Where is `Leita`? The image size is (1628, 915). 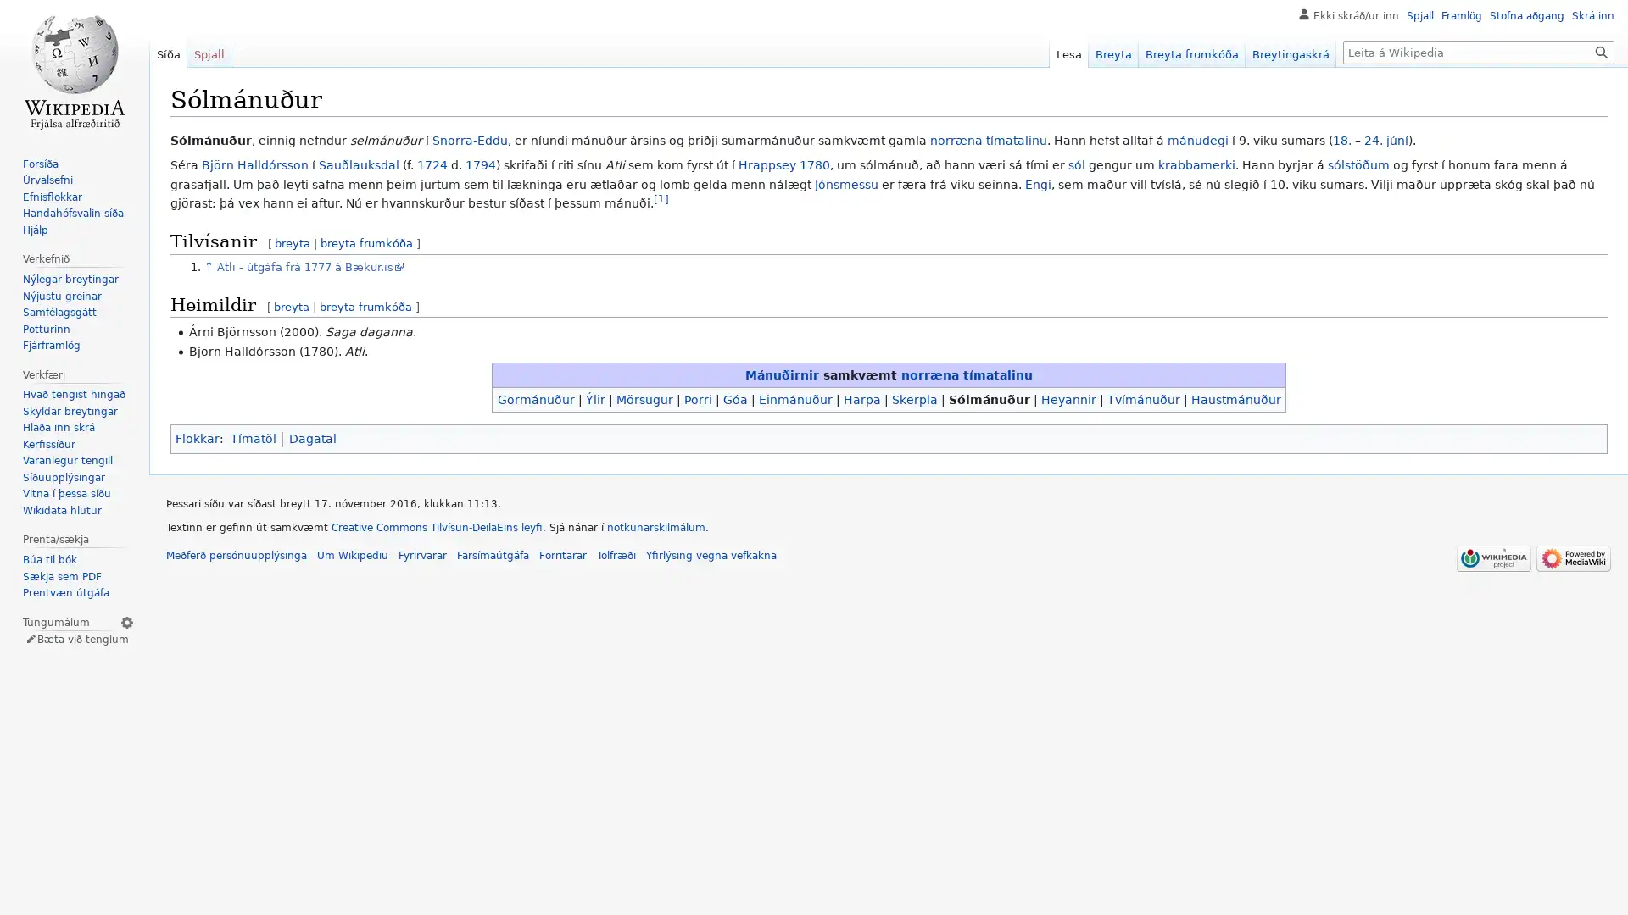 Leita is located at coordinates (1601, 51).